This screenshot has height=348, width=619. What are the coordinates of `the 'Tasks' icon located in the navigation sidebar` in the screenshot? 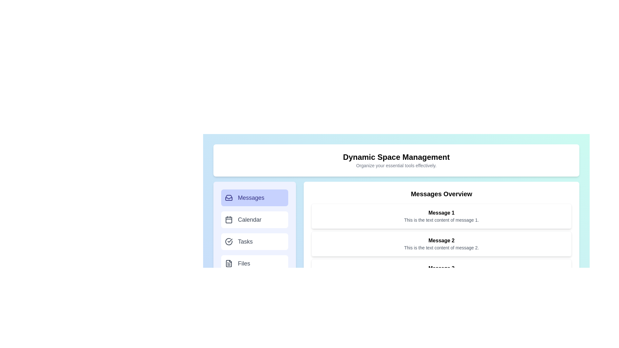 It's located at (229, 241).